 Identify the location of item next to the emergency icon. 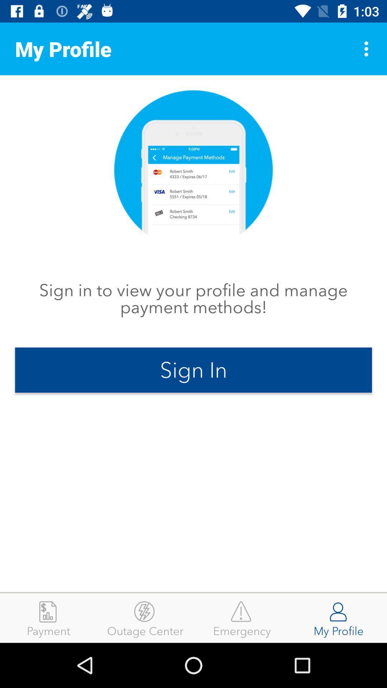
(145, 617).